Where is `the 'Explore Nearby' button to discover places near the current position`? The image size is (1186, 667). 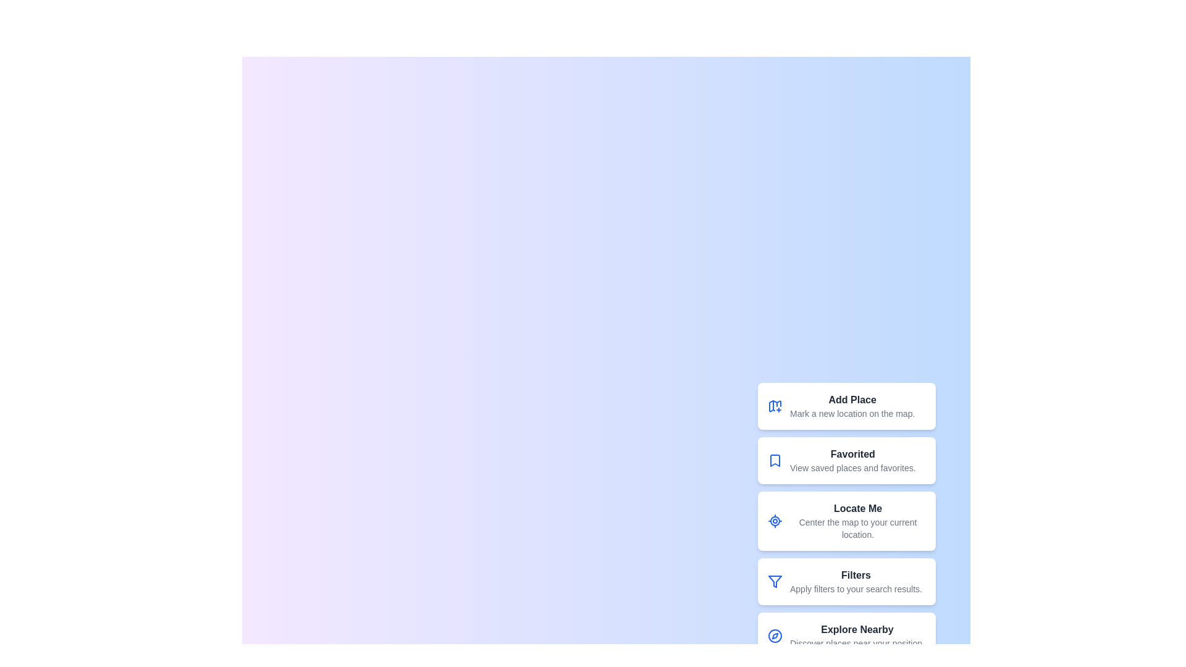
the 'Explore Nearby' button to discover places near the current position is located at coordinates (856, 636).